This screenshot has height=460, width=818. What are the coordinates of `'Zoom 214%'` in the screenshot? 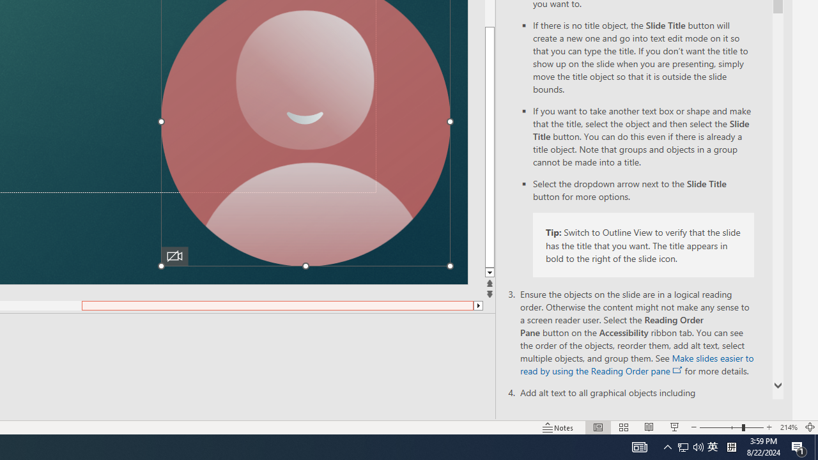 It's located at (788, 427).